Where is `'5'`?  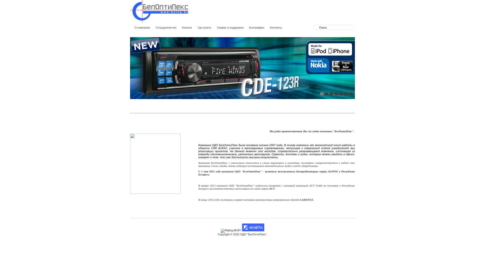
'5' is located at coordinates (341, 94).